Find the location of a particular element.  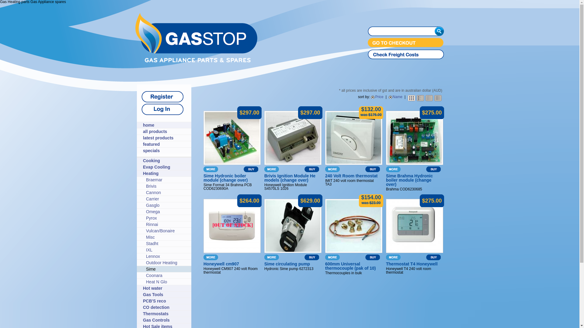

'all products' is located at coordinates (165, 131).